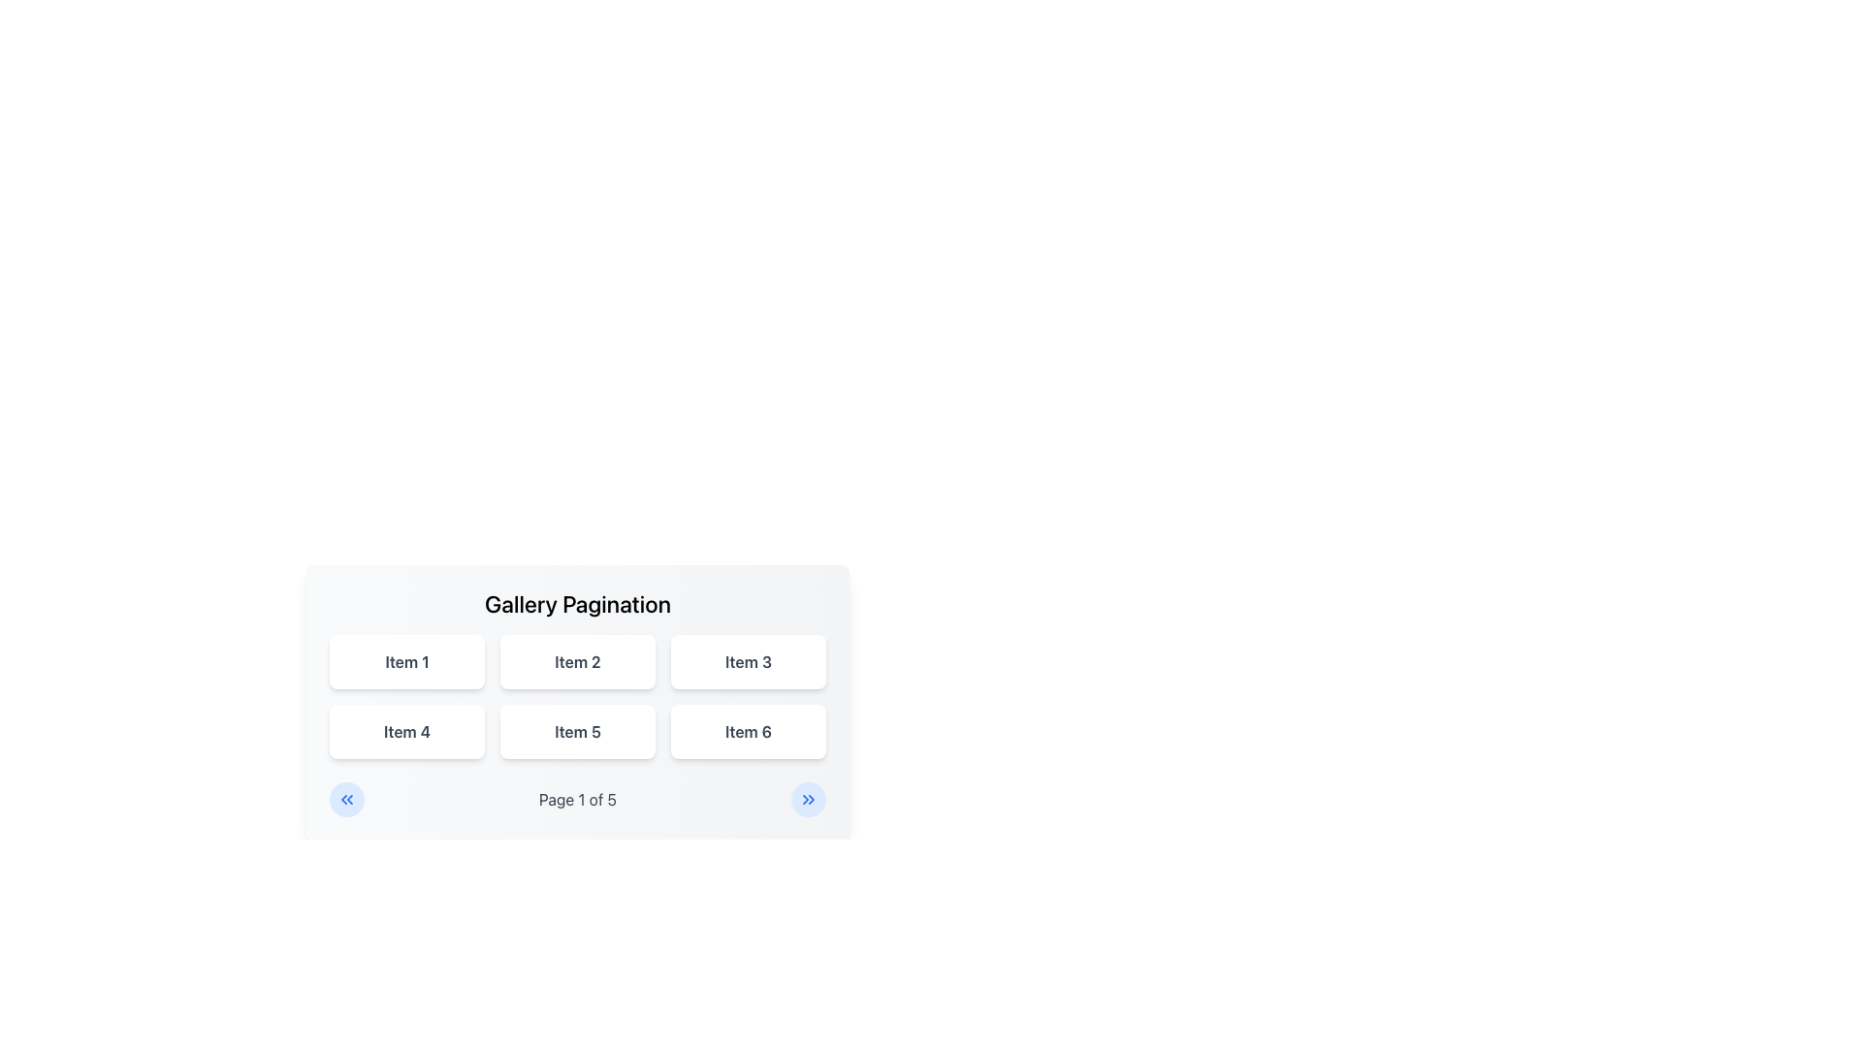  I want to click on the circular blue button with left-pointing chevrons located at the bottom left of the pagination section, so click(347, 800).